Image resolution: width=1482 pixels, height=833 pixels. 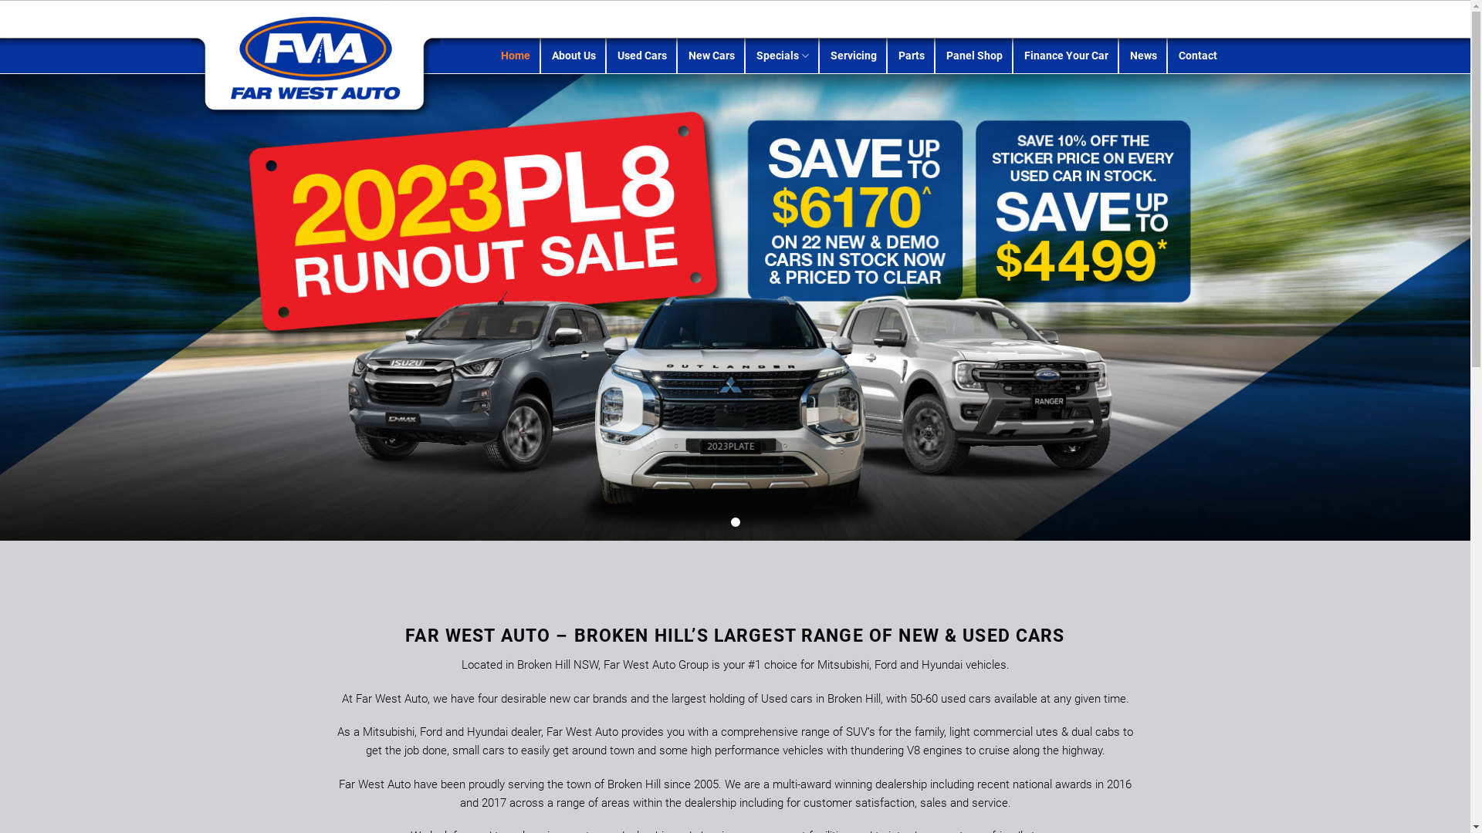 What do you see at coordinates (1143, 55) in the screenshot?
I see `'News'` at bounding box center [1143, 55].